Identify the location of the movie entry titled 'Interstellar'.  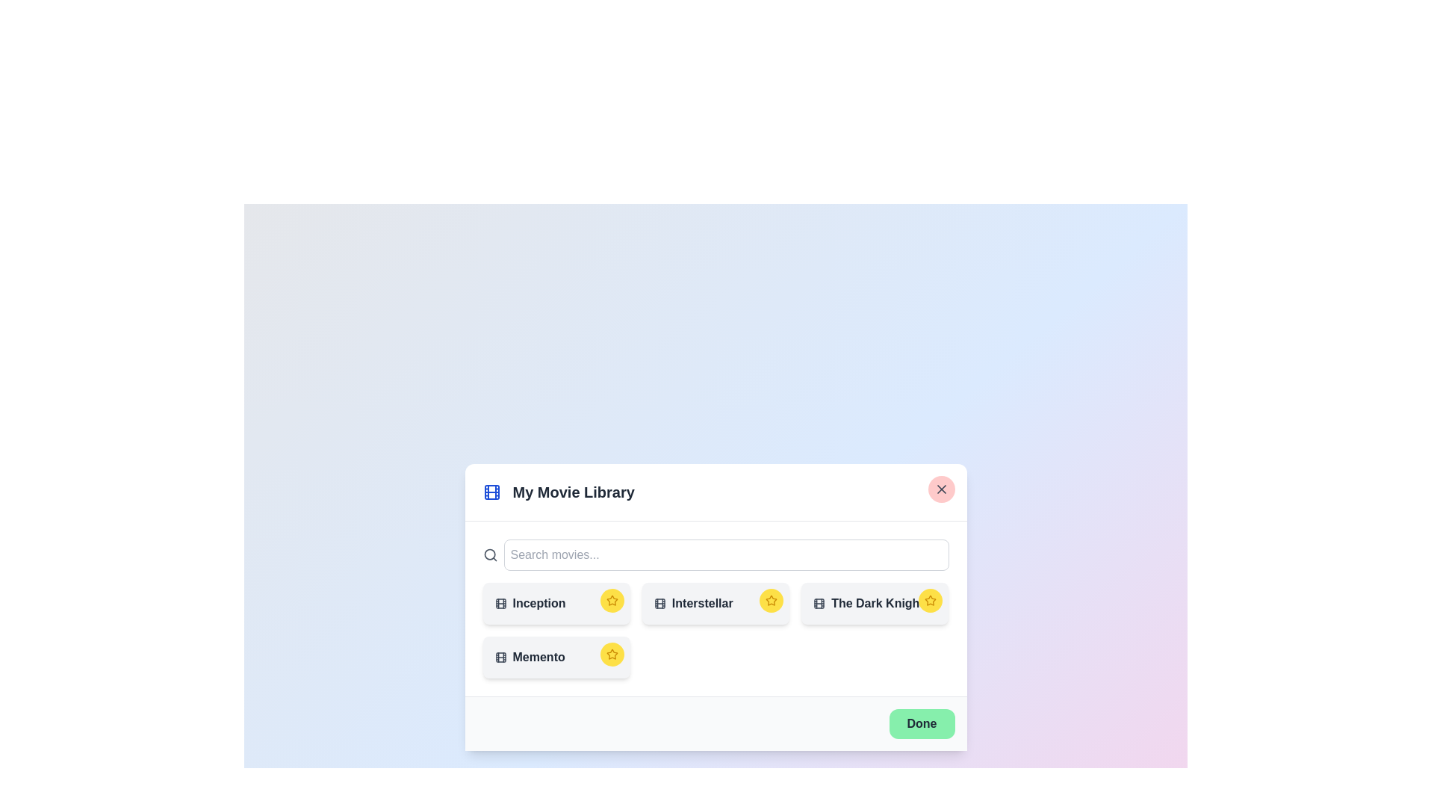
(715, 602).